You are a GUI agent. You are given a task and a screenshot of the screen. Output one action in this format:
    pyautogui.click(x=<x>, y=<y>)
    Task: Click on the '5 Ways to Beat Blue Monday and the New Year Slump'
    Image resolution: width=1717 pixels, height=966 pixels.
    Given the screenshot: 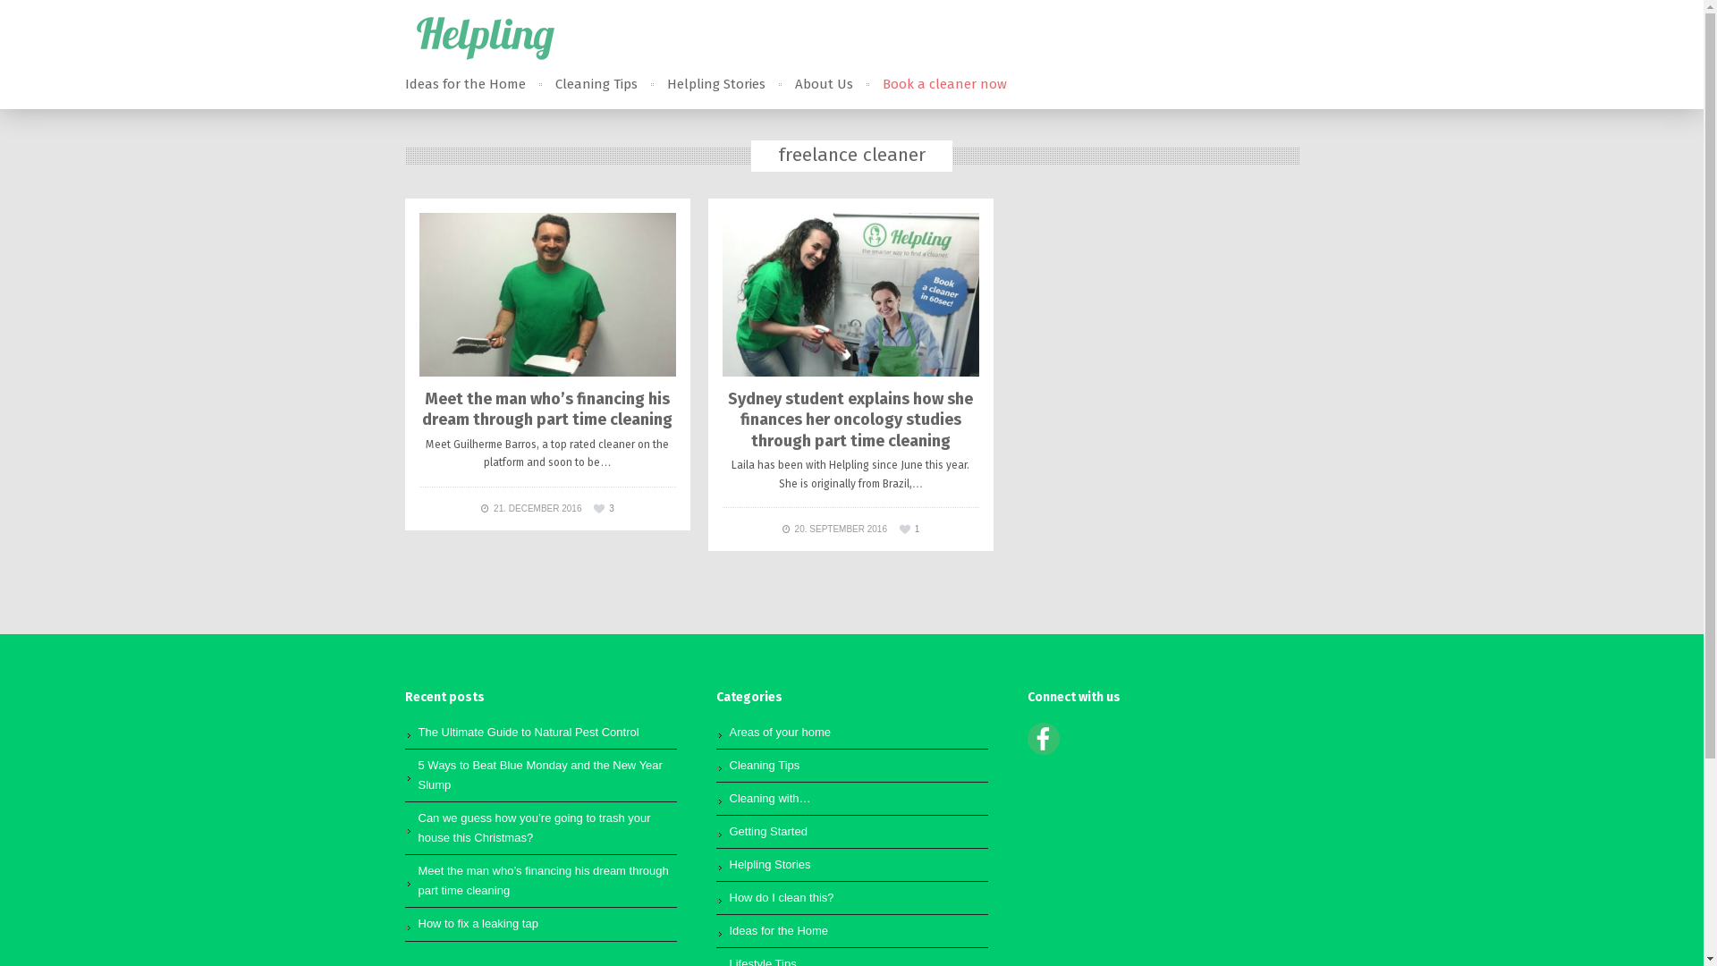 What is the action you would take?
    pyautogui.click(x=539, y=774)
    